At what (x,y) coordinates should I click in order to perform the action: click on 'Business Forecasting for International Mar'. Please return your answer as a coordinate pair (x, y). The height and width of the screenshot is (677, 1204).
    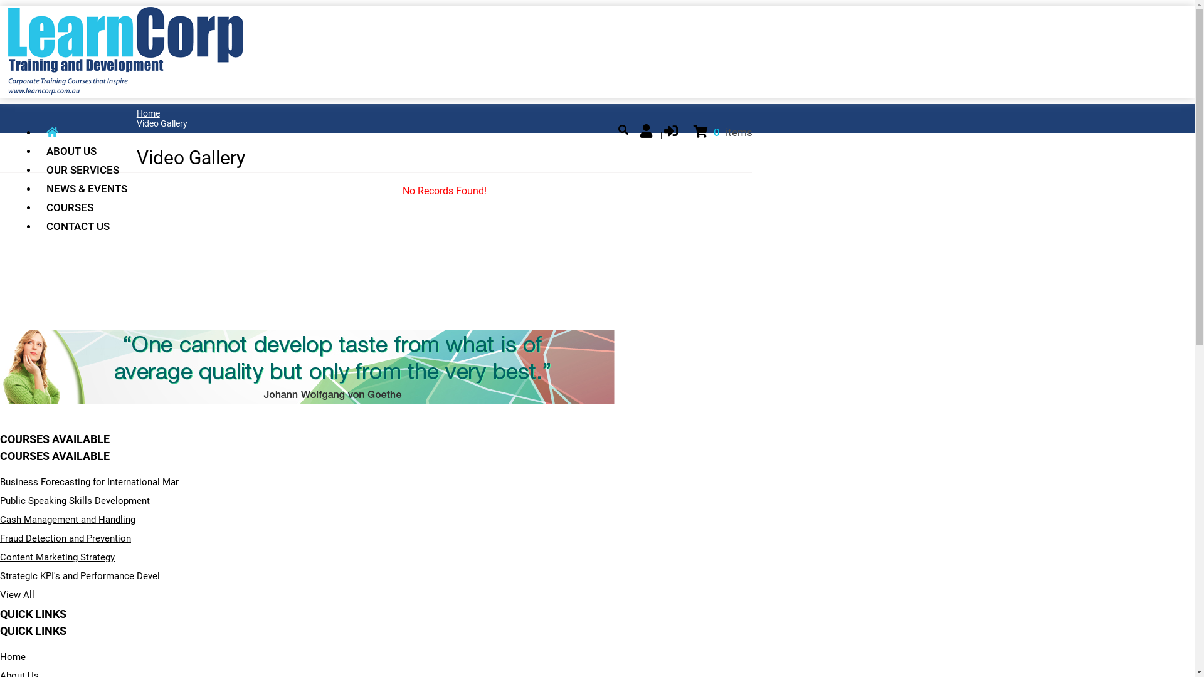
    Looking at the image, I should click on (88, 481).